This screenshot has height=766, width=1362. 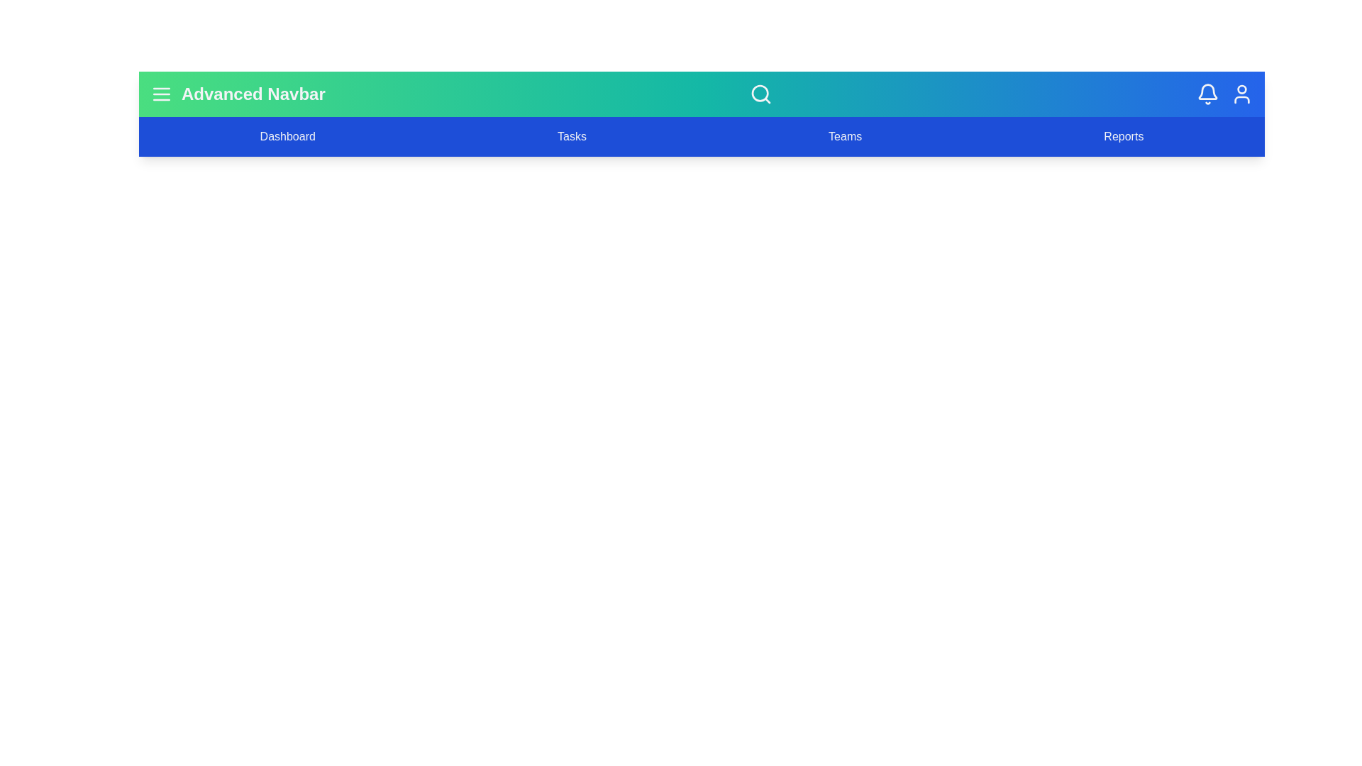 What do you see at coordinates (287, 136) in the screenshot?
I see `the navigation item Dashboard to navigate to its corresponding section` at bounding box center [287, 136].